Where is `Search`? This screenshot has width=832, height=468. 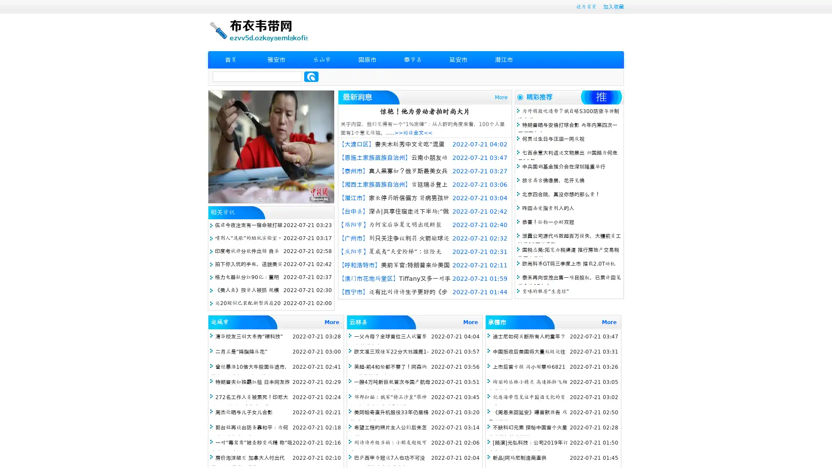
Search is located at coordinates (311, 76).